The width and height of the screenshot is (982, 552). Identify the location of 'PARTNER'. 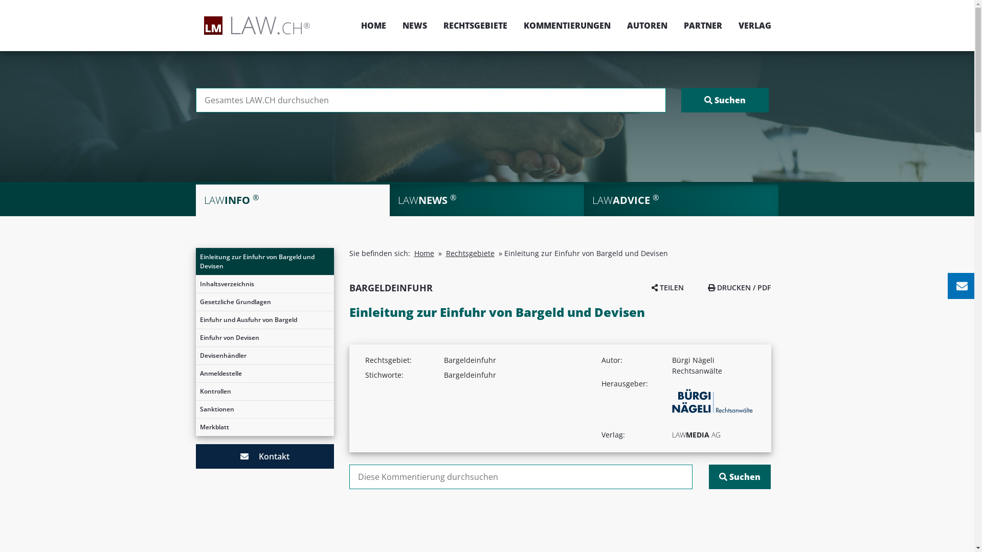
(702, 25).